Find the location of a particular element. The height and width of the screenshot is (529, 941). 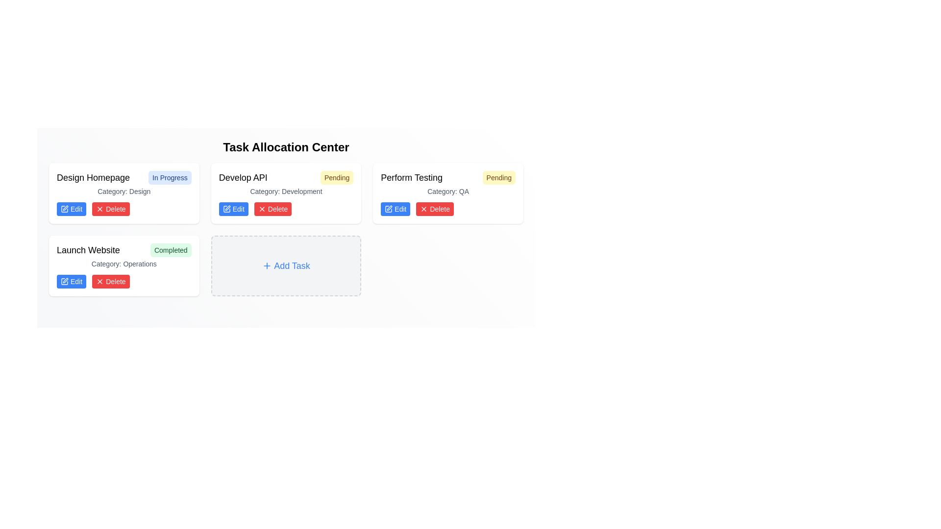

the edit icon located within the 'Edit' button on the 'Perform Testing' card, which visually represents the action of editing the associated task is located at coordinates (388, 209).